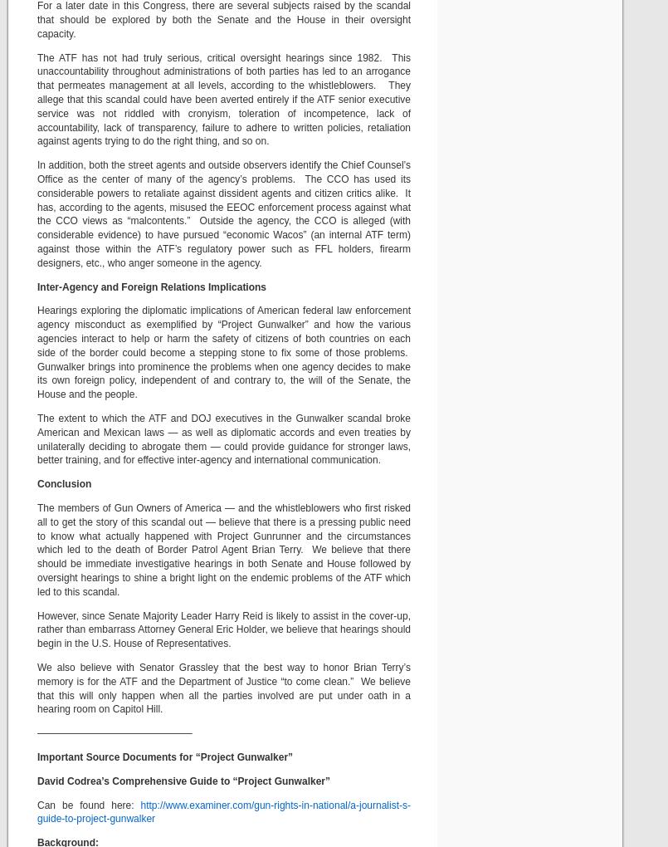  I want to click on 'In addition, both the street agents  and outside observers identify the Chief Counsel’s Office as the center  of many of the agency’s problems.  The CCO has used its considerable  powers to retaliate against dissident agents and citizen critics alike.   It has, according to the agents, misused the EEOC enforcement process  against what the CCO views as “malcontents.”  Outside the agency, the  CCO is alleged (with considerable evidence) to have pursued “economic  Wacos” (an internal ATF term) against those within the ATF’s regulatory  power such as FFL holders, firearm designers, etc., who anger someone in  the agency.', so click(223, 213).